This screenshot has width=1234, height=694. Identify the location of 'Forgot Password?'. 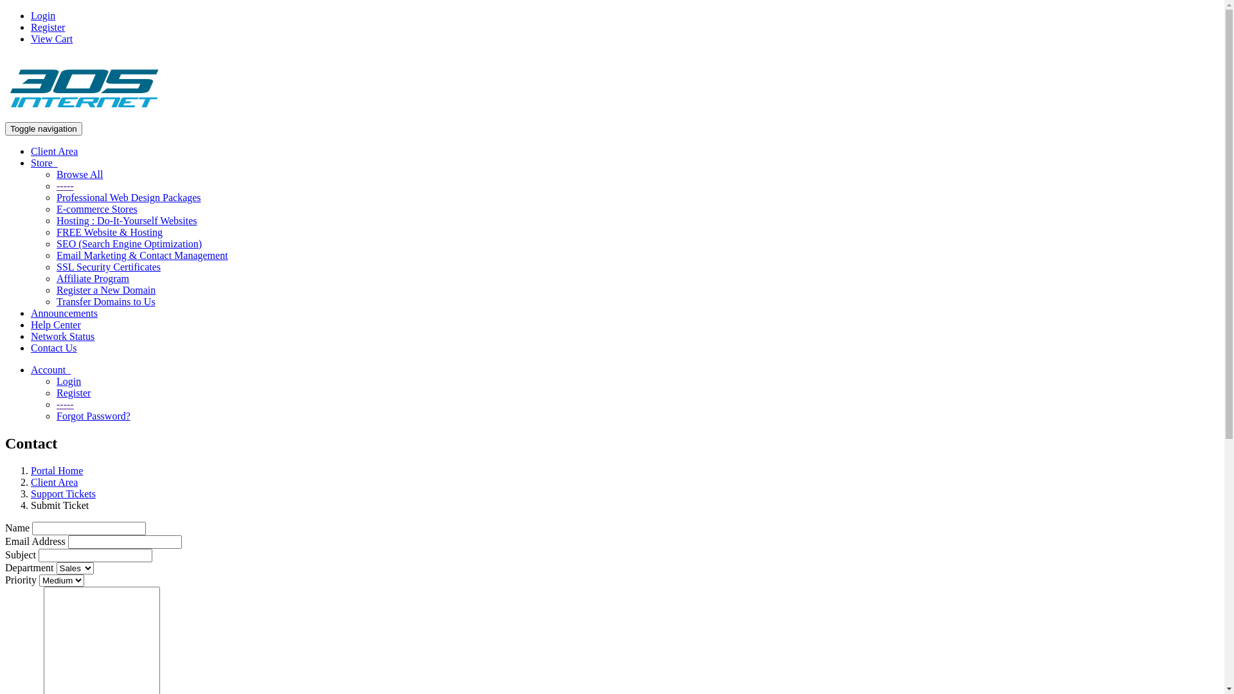
(55, 416).